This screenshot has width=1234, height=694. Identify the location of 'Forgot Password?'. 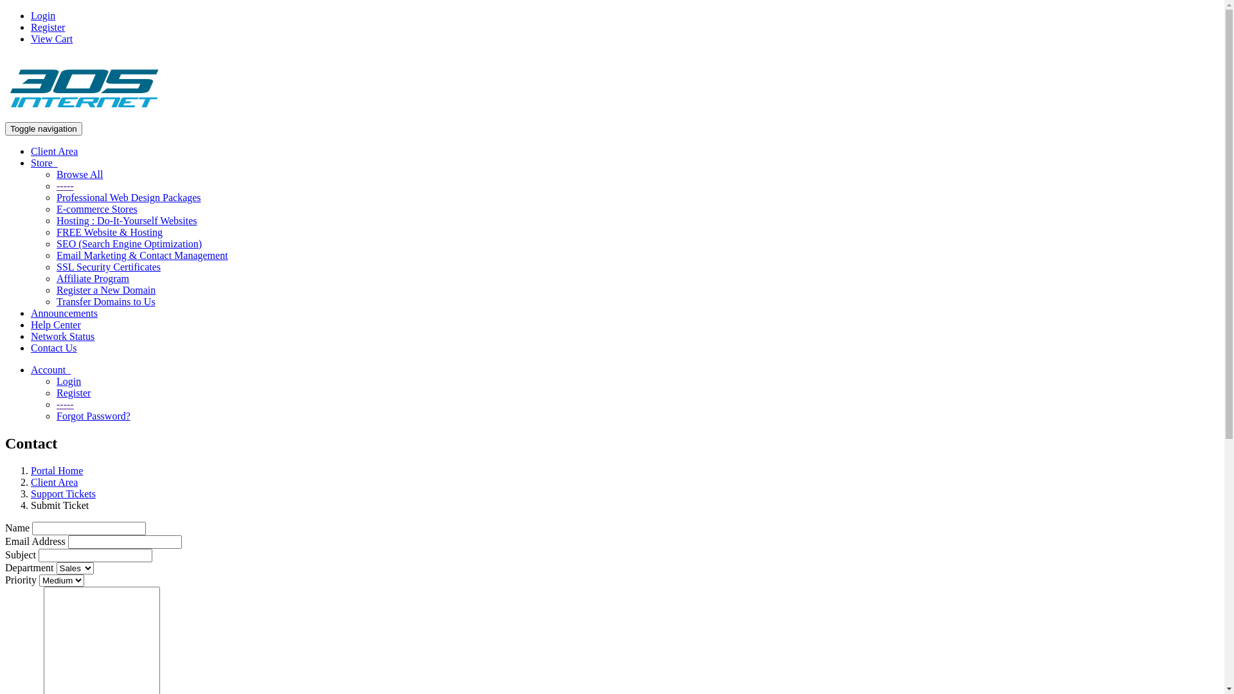
(55, 416).